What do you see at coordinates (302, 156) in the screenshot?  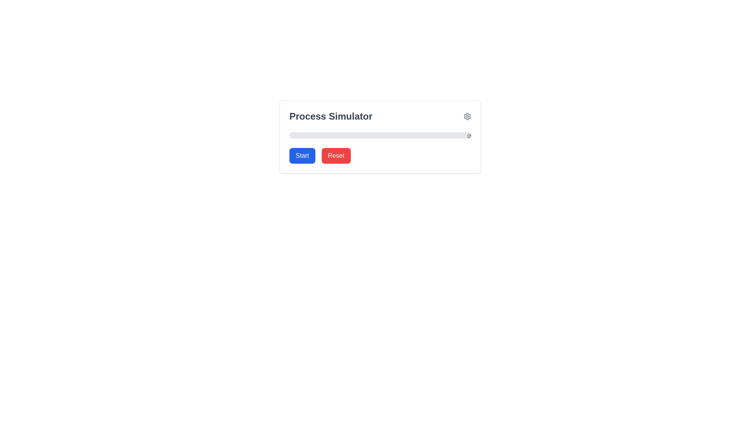 I see `the blue rectangular button labeled 'Start'` at bounding box center [302, 156].